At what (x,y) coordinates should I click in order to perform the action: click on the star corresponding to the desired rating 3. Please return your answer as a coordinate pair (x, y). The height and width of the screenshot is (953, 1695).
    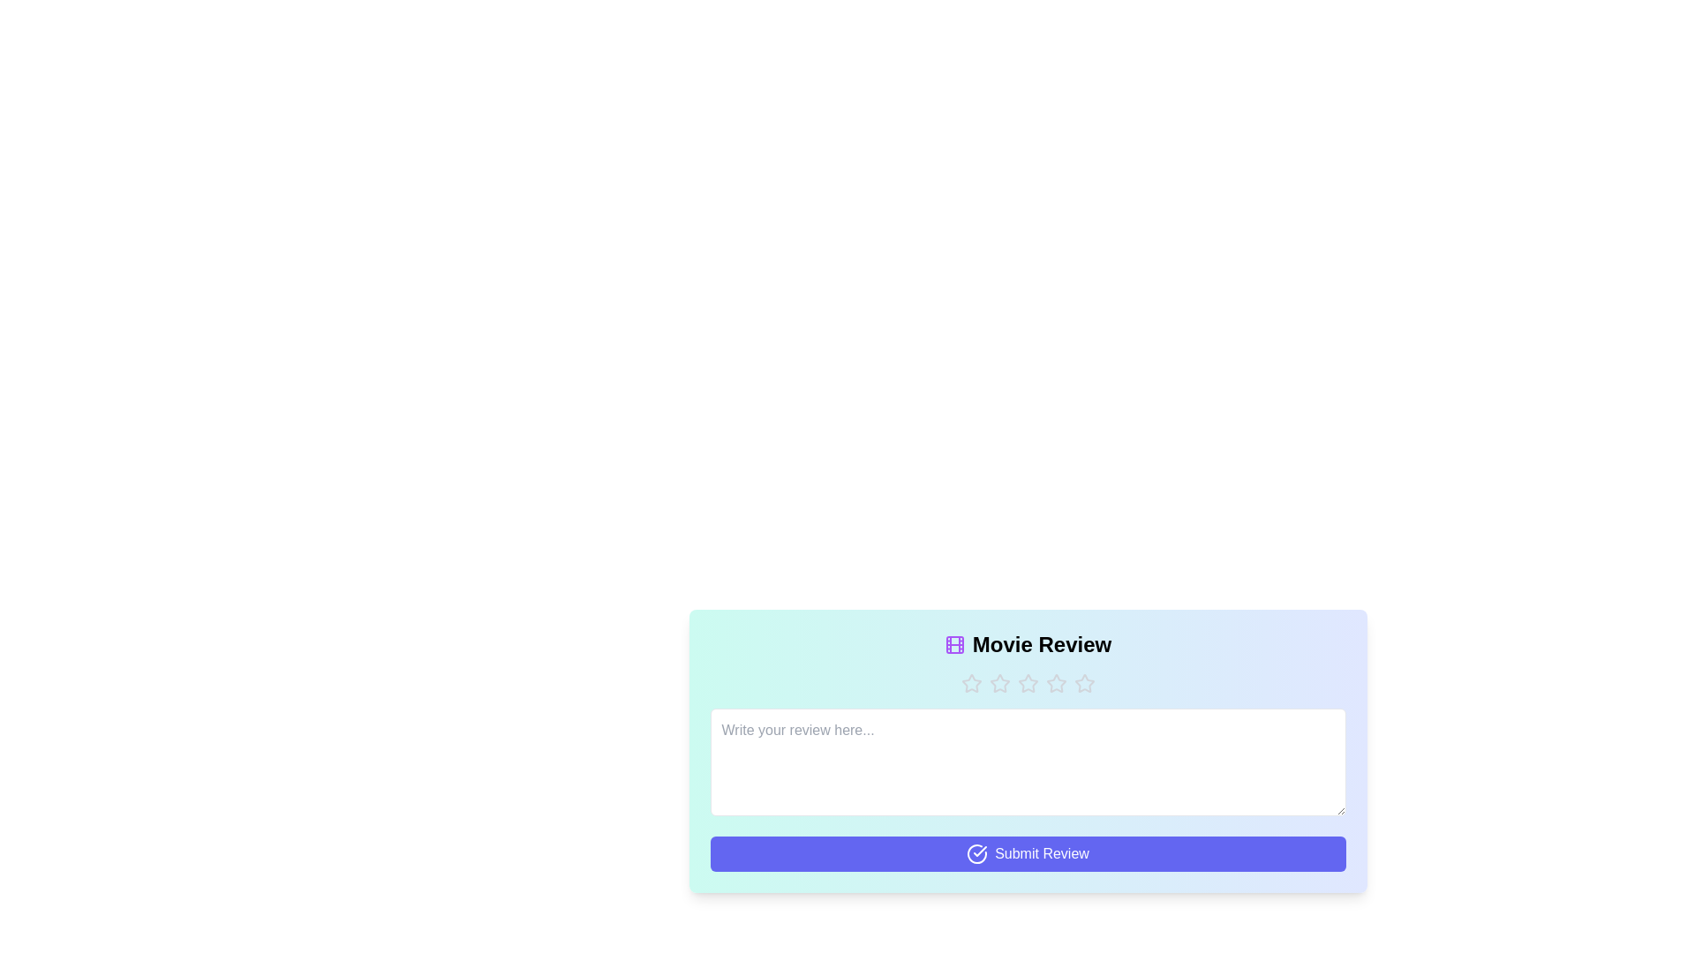
    Looking at the image, I should click on (1028, 683).